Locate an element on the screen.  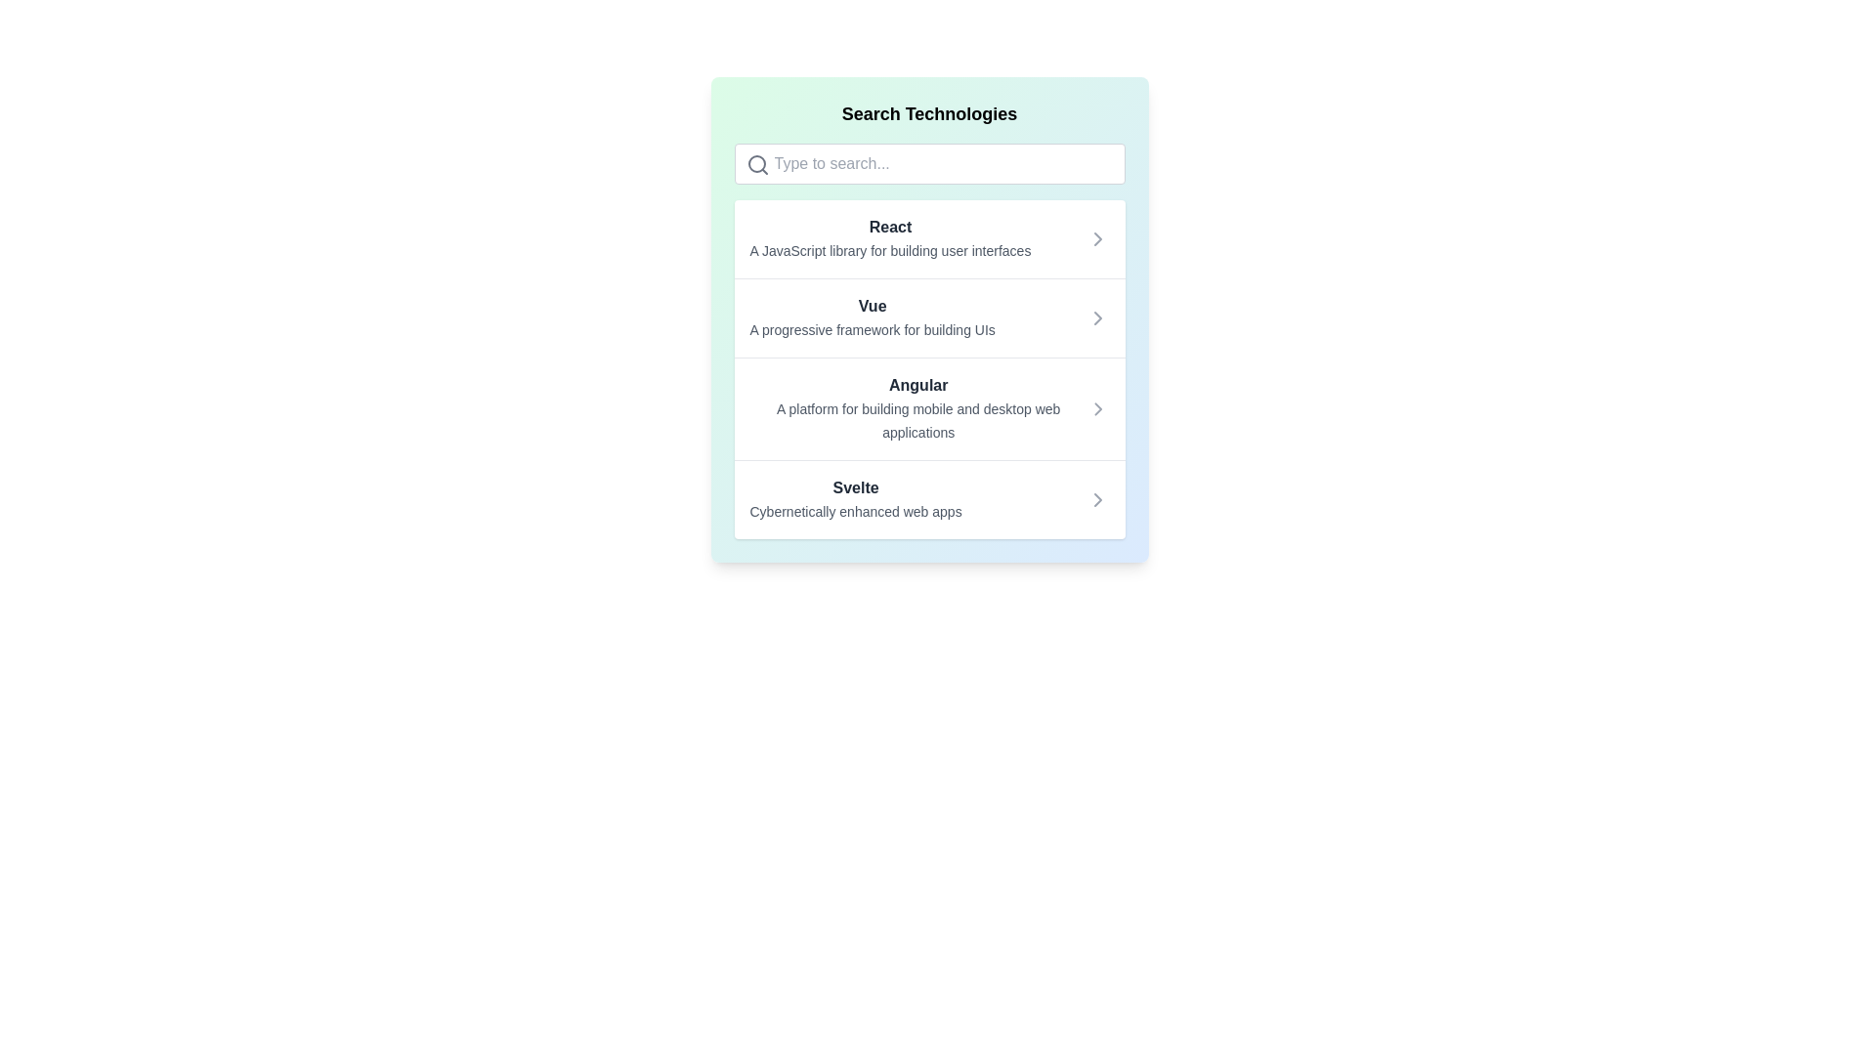
the rightward-facing chevron icon next to the 'Vue' item in the 'Search Technologies' panel is located at coordinates (1097, 317).